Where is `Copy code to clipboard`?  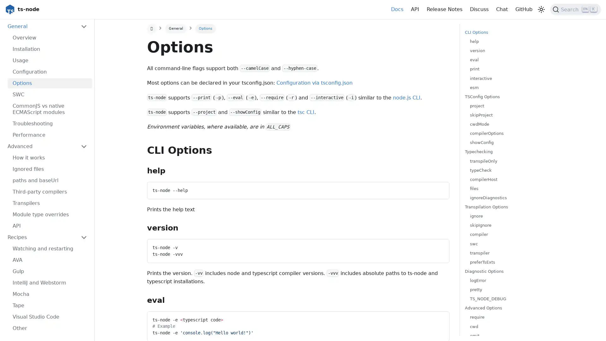
Copy code to clipboard is located at coordinates (438, 188).